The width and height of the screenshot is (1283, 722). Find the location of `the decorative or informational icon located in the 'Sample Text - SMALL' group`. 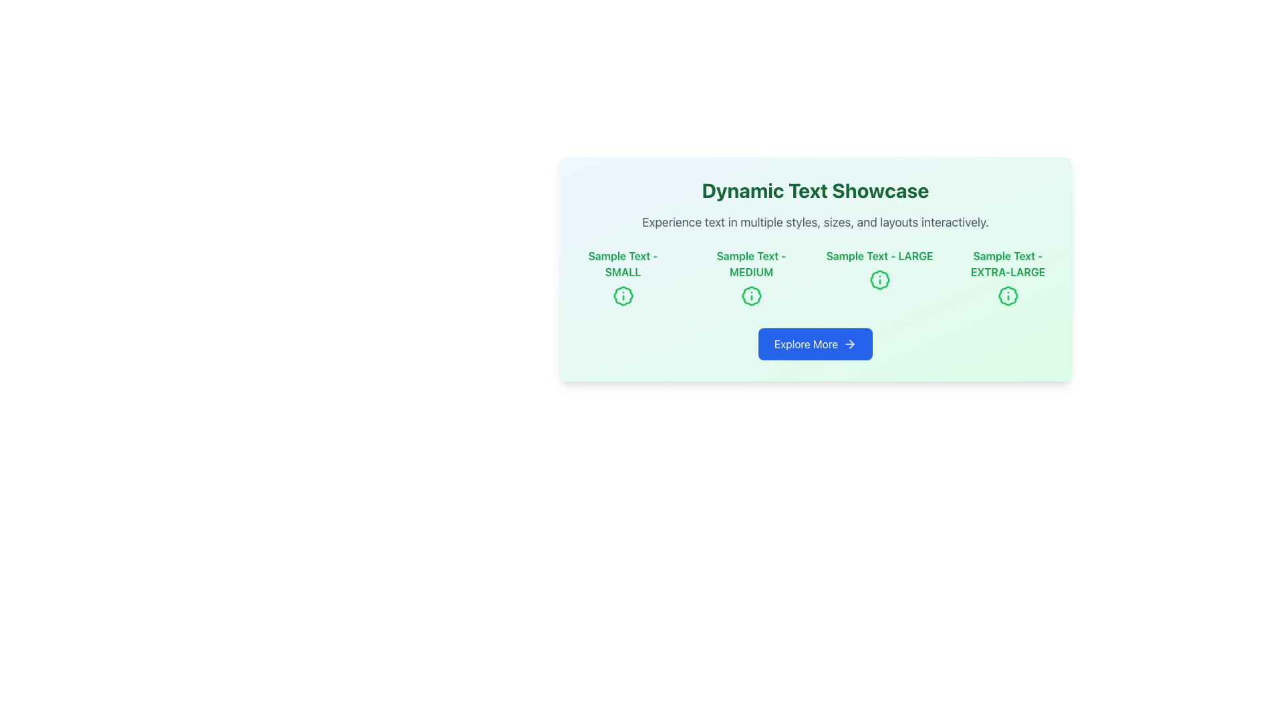

the decorative or informational icon located in the 'Sample Text - SMALL' group is located at coordinates (622, 295).